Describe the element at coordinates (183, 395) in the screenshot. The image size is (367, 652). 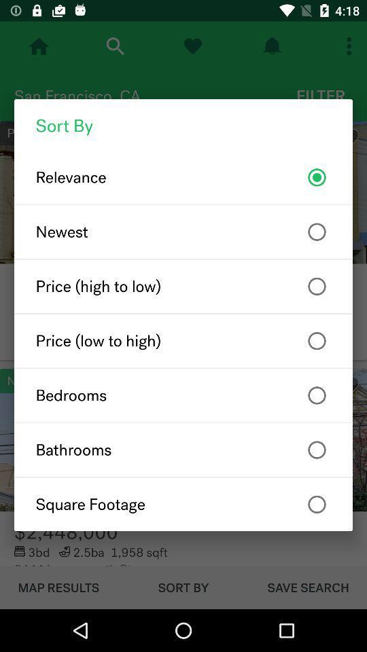
I see `icon below price low to icon` at that location.